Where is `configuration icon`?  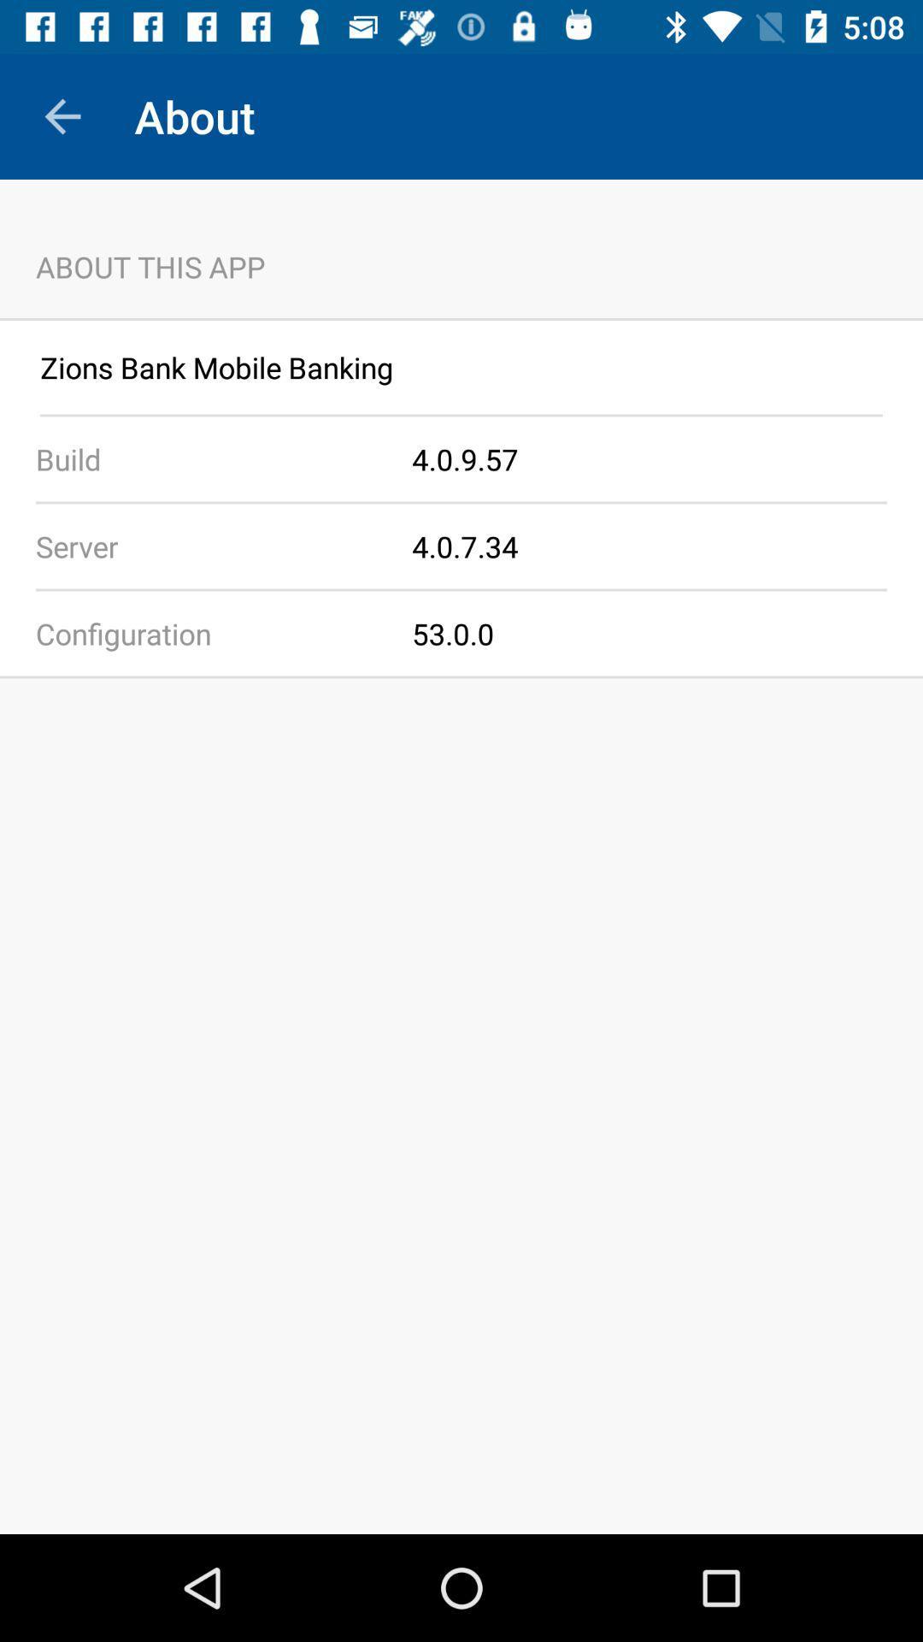 configuration icon is located at coordinates (205, 632).